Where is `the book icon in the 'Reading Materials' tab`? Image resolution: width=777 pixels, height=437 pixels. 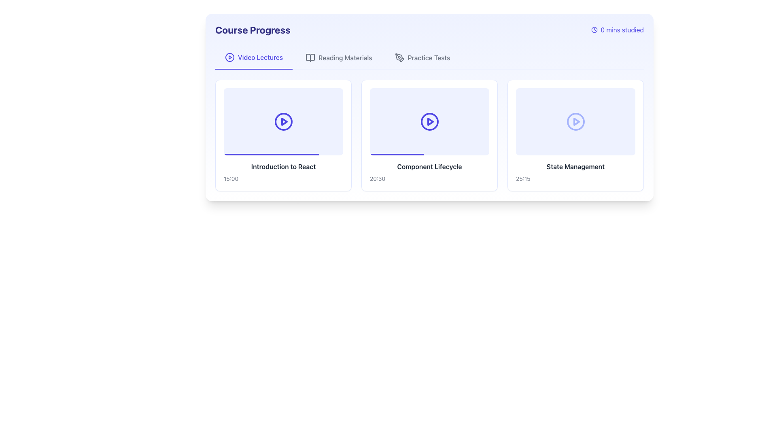
the book icon in the 'Reading Materials' tab is located at coordinates (310, 57).